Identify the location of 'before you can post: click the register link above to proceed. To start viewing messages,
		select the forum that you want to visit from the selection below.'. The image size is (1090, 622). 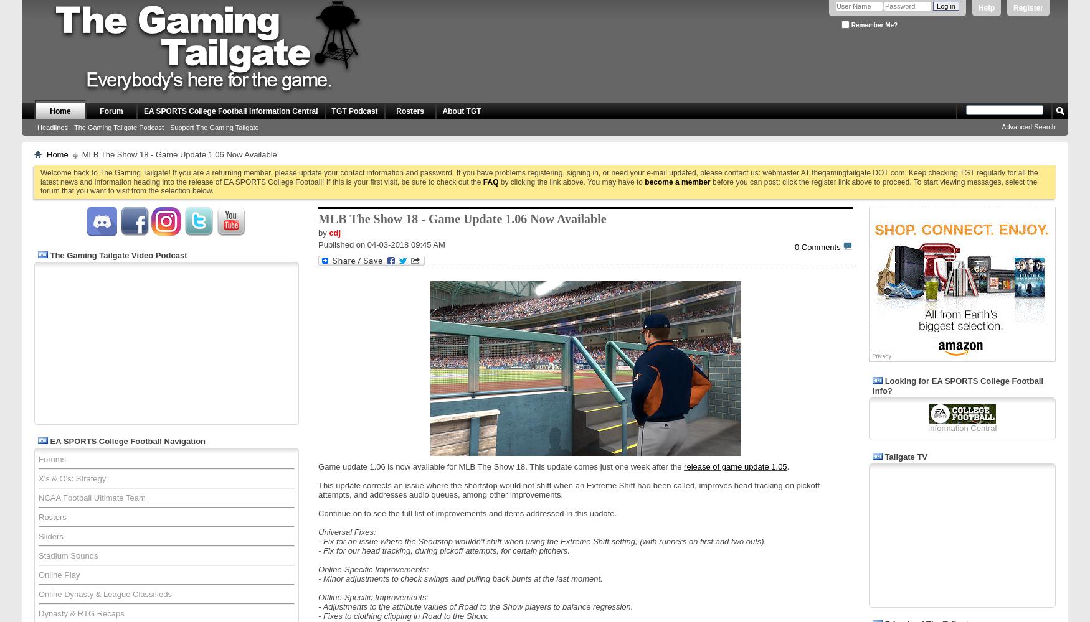
(539, 186).